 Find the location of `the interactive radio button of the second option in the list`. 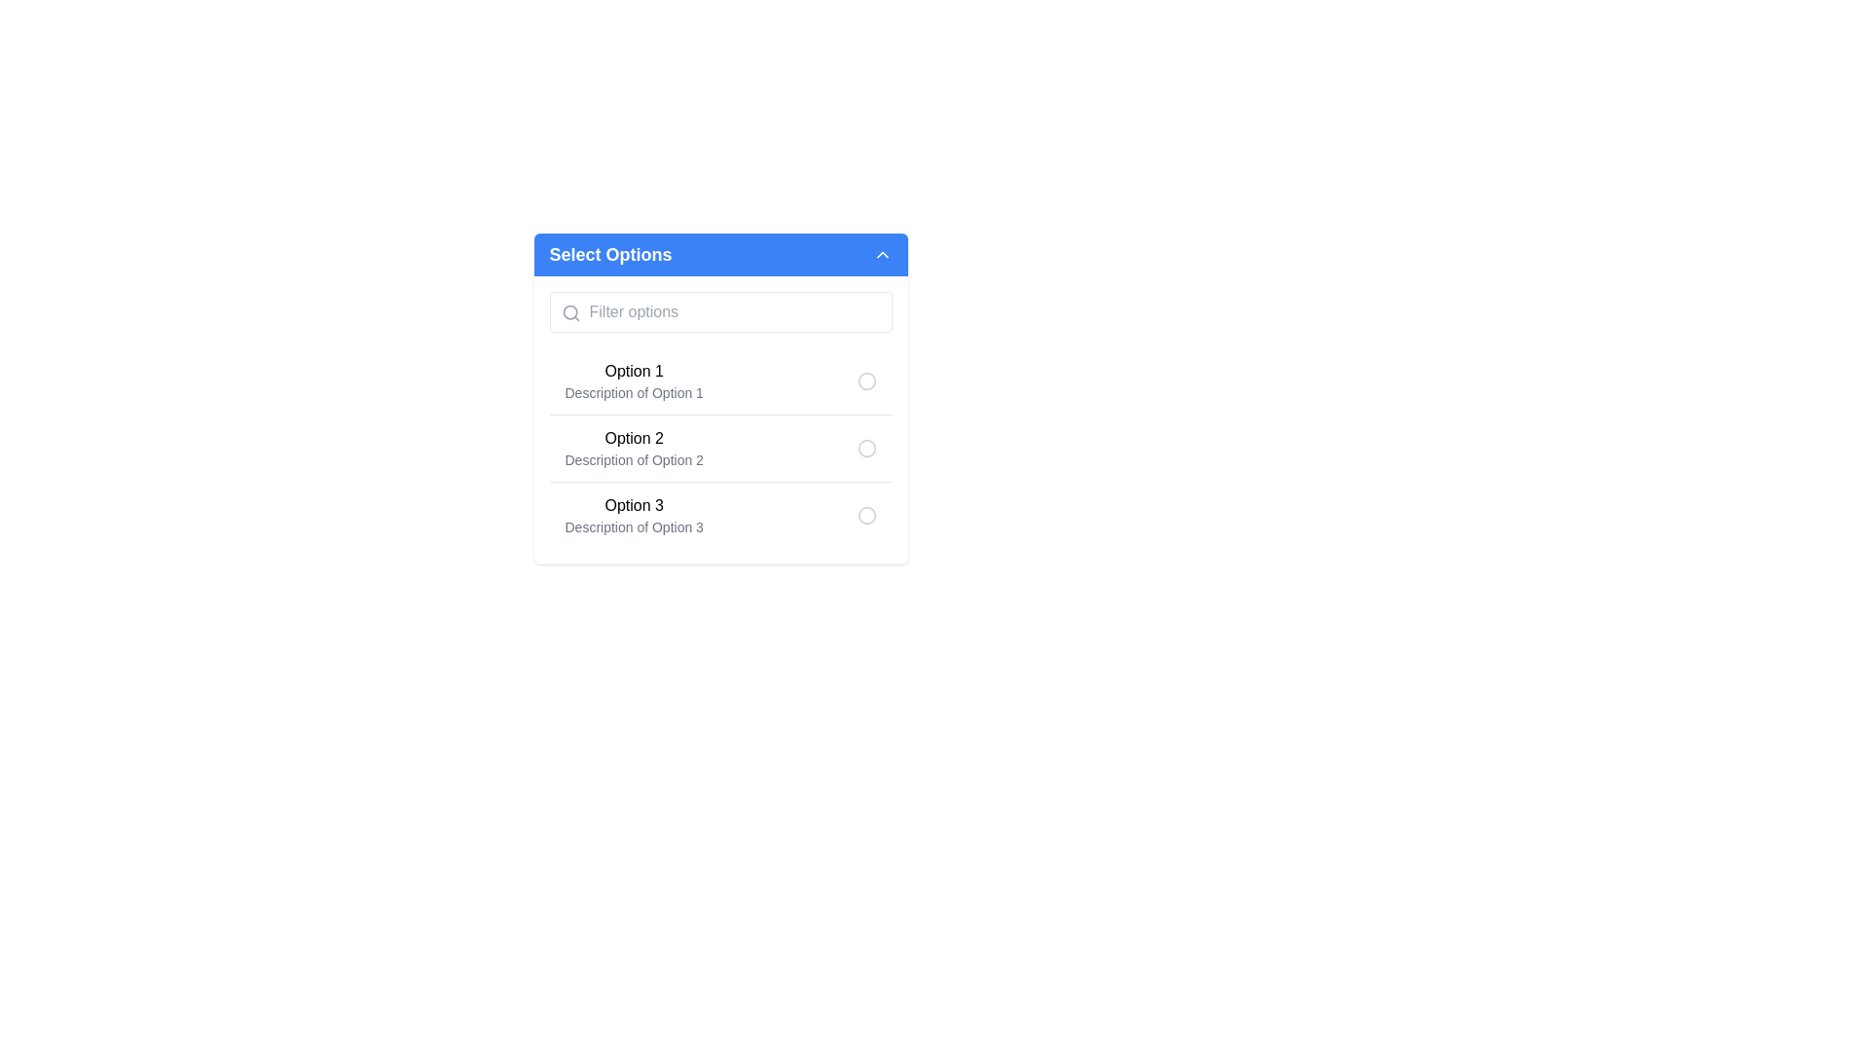

the interactive radio button of the second option in the list is located at coordinates (719, 419).